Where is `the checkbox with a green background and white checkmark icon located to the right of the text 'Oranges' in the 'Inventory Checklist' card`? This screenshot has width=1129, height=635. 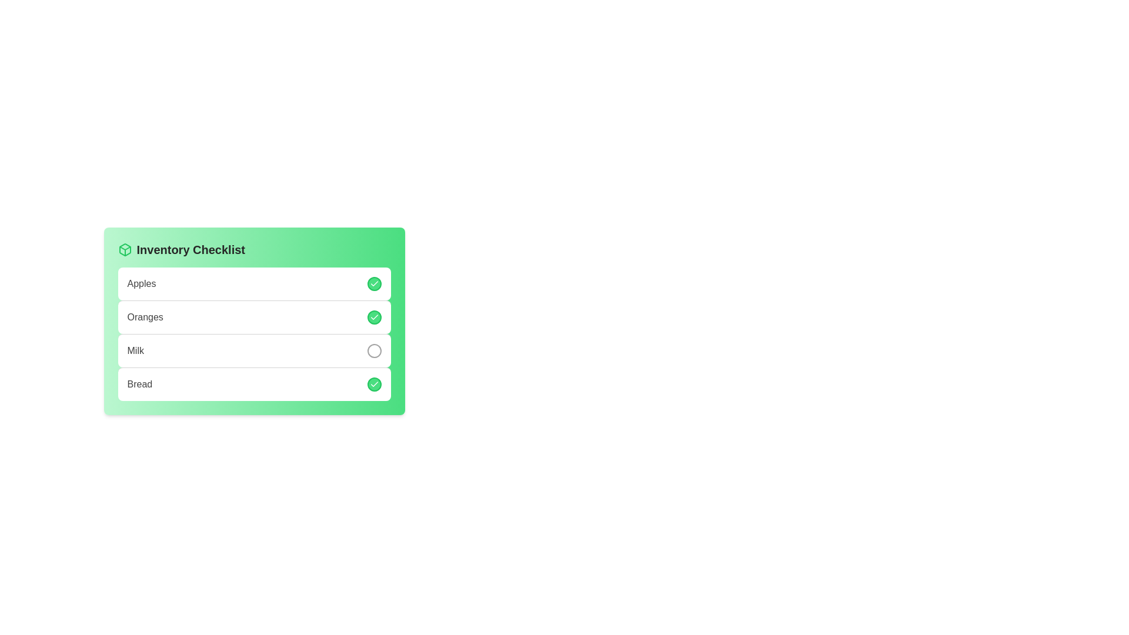 the checkbox with a green background and white checkmark icon located to the right of the text 'Oranges' in the 'Inventory Checklist' card is located at coordinates (373, 317).